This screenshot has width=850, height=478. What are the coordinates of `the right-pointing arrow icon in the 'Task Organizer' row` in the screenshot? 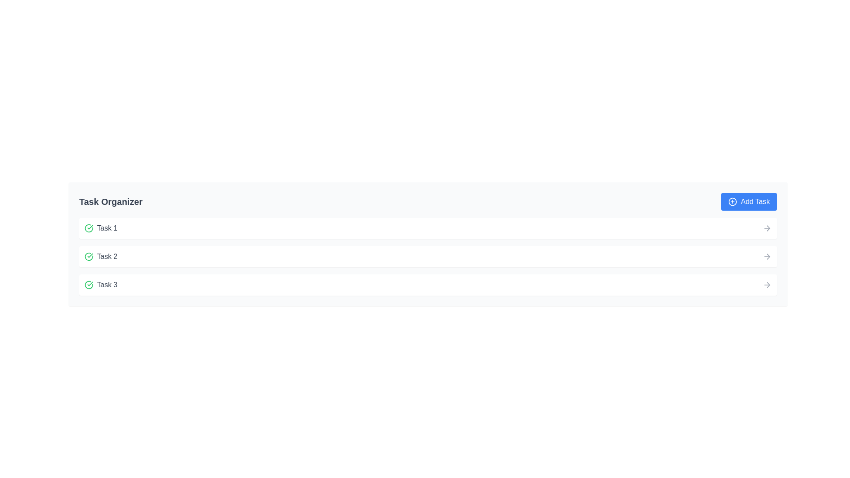 It's located at (768, 285).